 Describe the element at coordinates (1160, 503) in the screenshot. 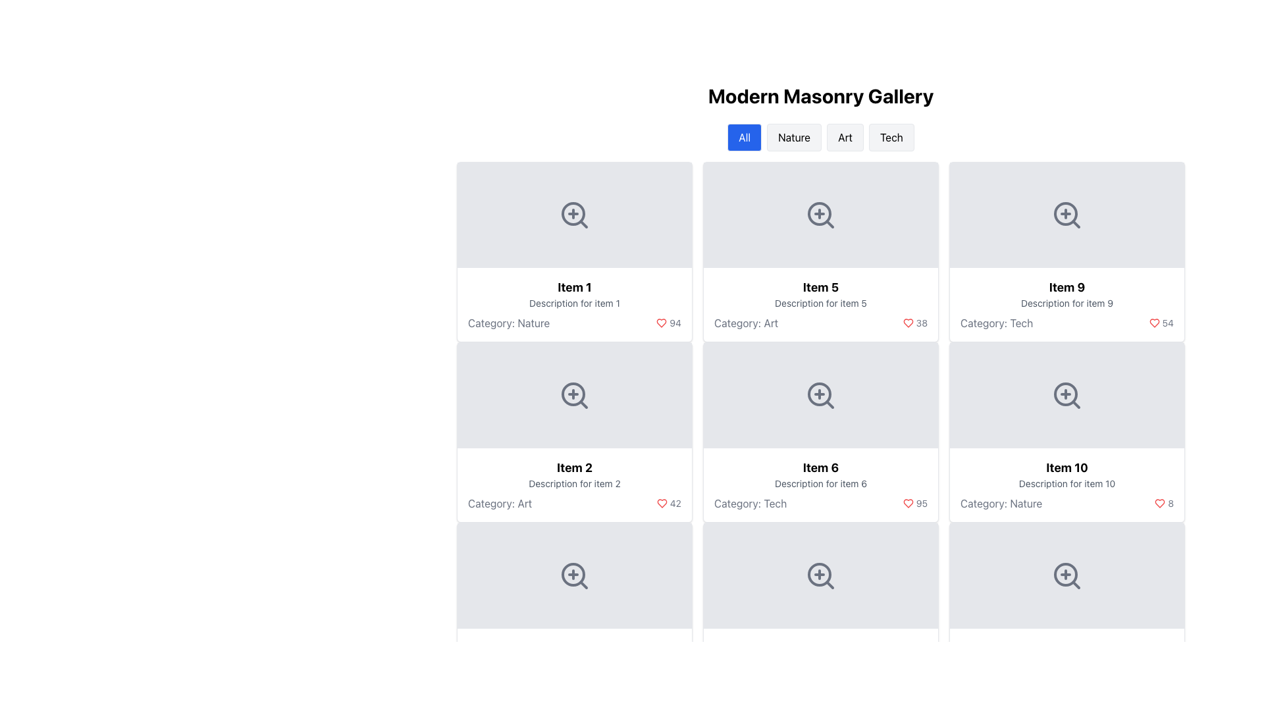

I see `the heart icon that indicates a like or favorite functionality for 'Item 10'` at that location.